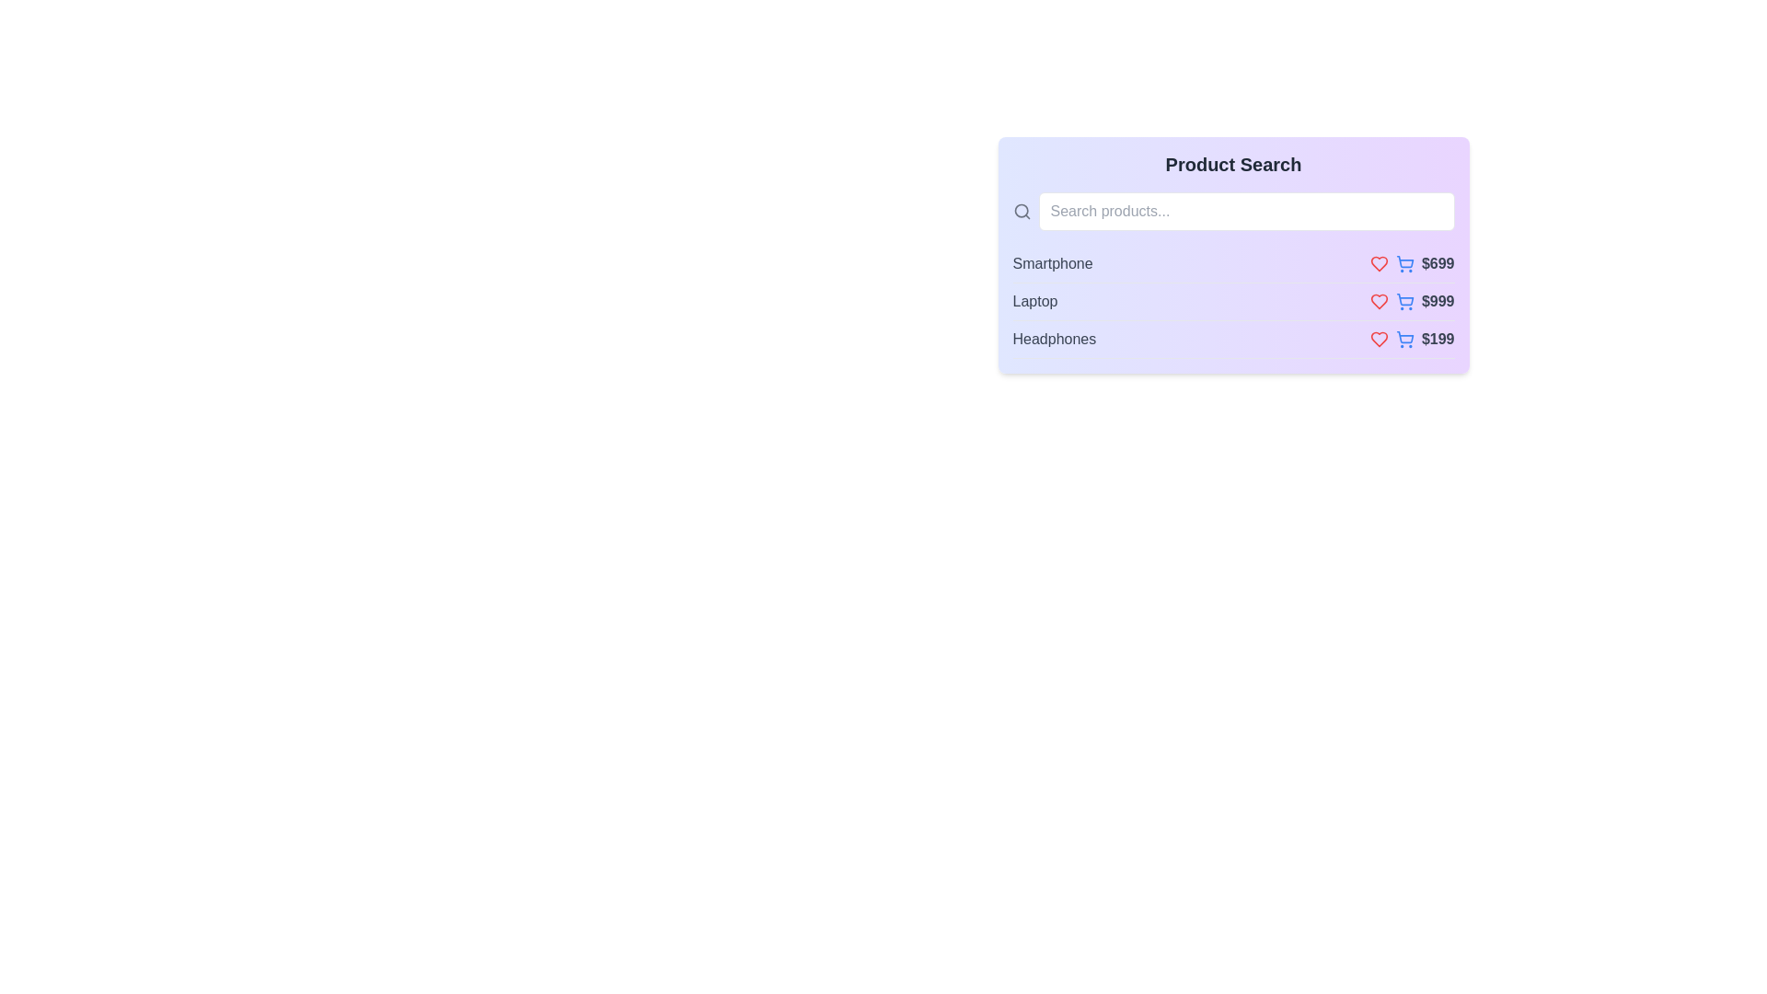 Image resolution: width=1767 pixels, height=994 pixels. What do you see at coordinates (1053, 263) in the screenshot?
I see `the static text label indicating the product name 'Smartphone'` at bounding box center [1053, 263].